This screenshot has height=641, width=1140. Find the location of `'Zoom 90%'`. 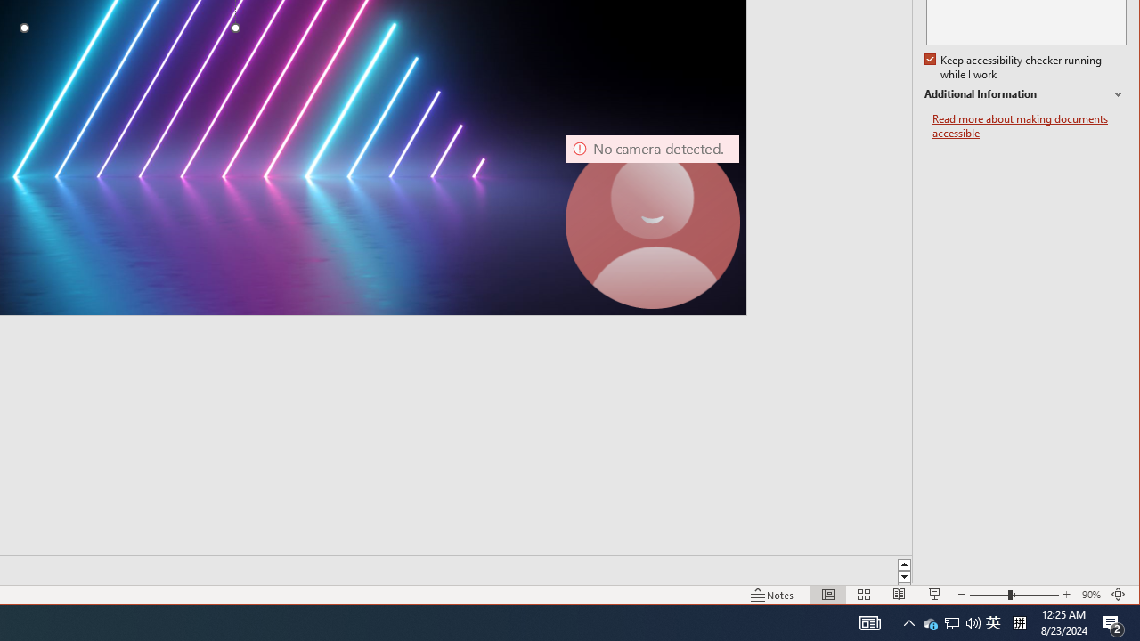

'Zoom 90%' is located at coordinates (1090, 595).